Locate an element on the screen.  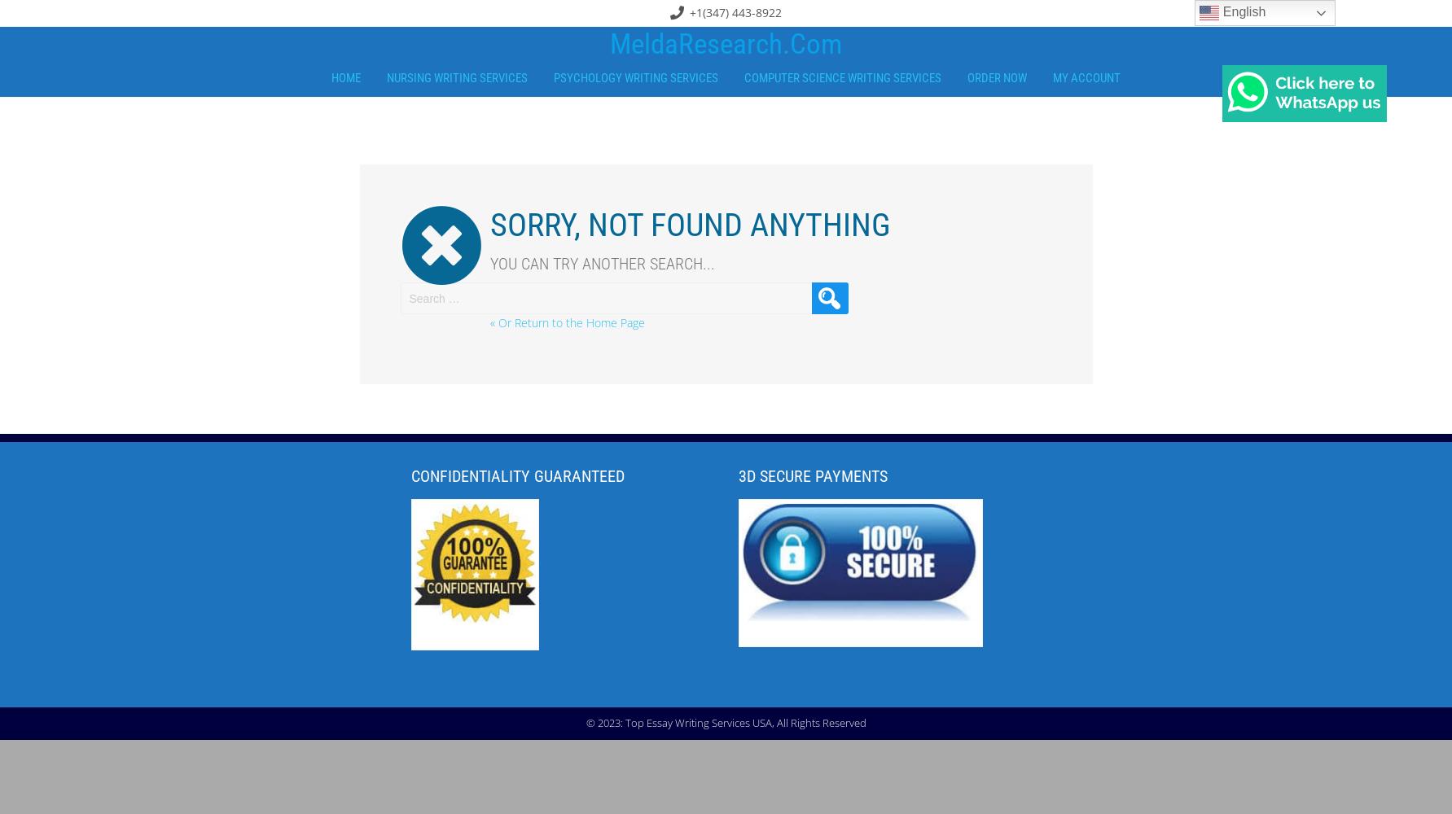
'© 2023: Top Essay Writing Services USA, All Rights Reserved' is located at coordinates (585, 723).